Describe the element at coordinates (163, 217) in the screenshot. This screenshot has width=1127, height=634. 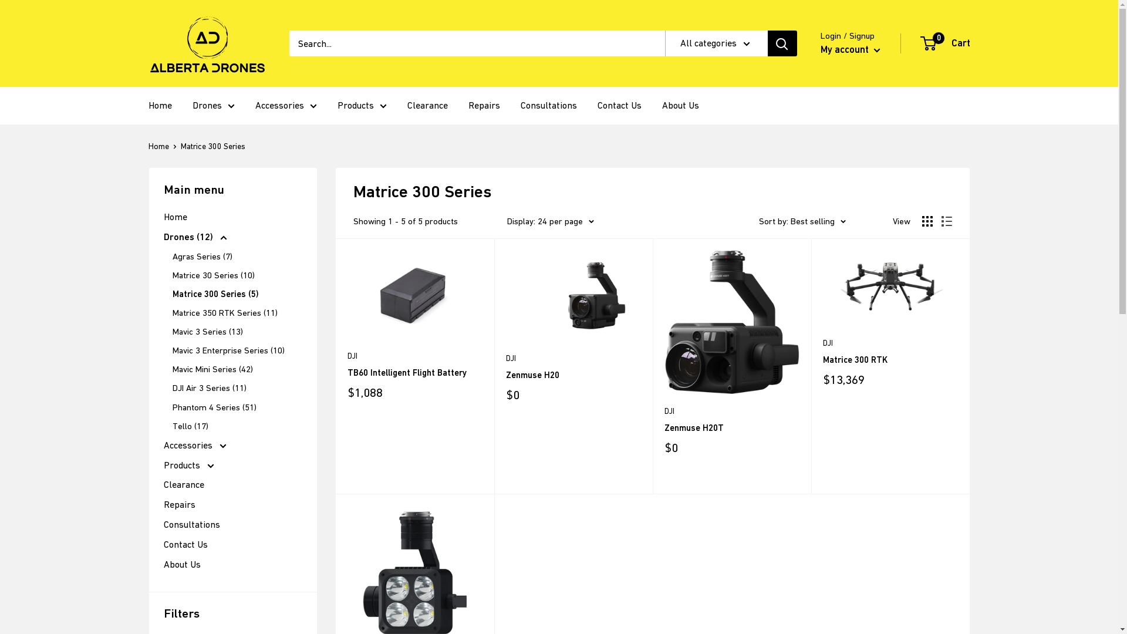
I see `'Home'` at that location.